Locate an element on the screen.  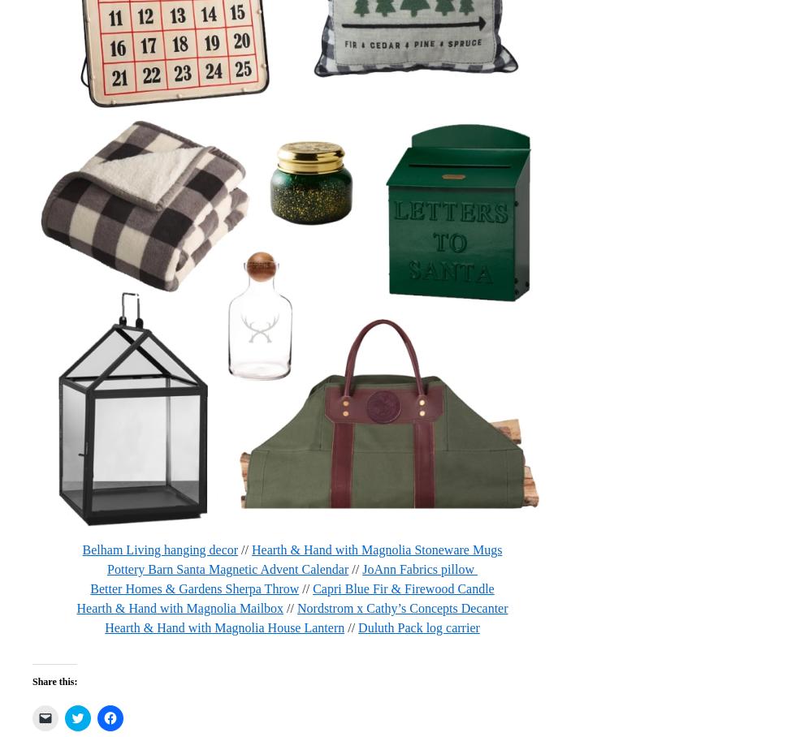
'Hearth & Hand with Magnolia Mailbox' is located at coordinates (180, 607).